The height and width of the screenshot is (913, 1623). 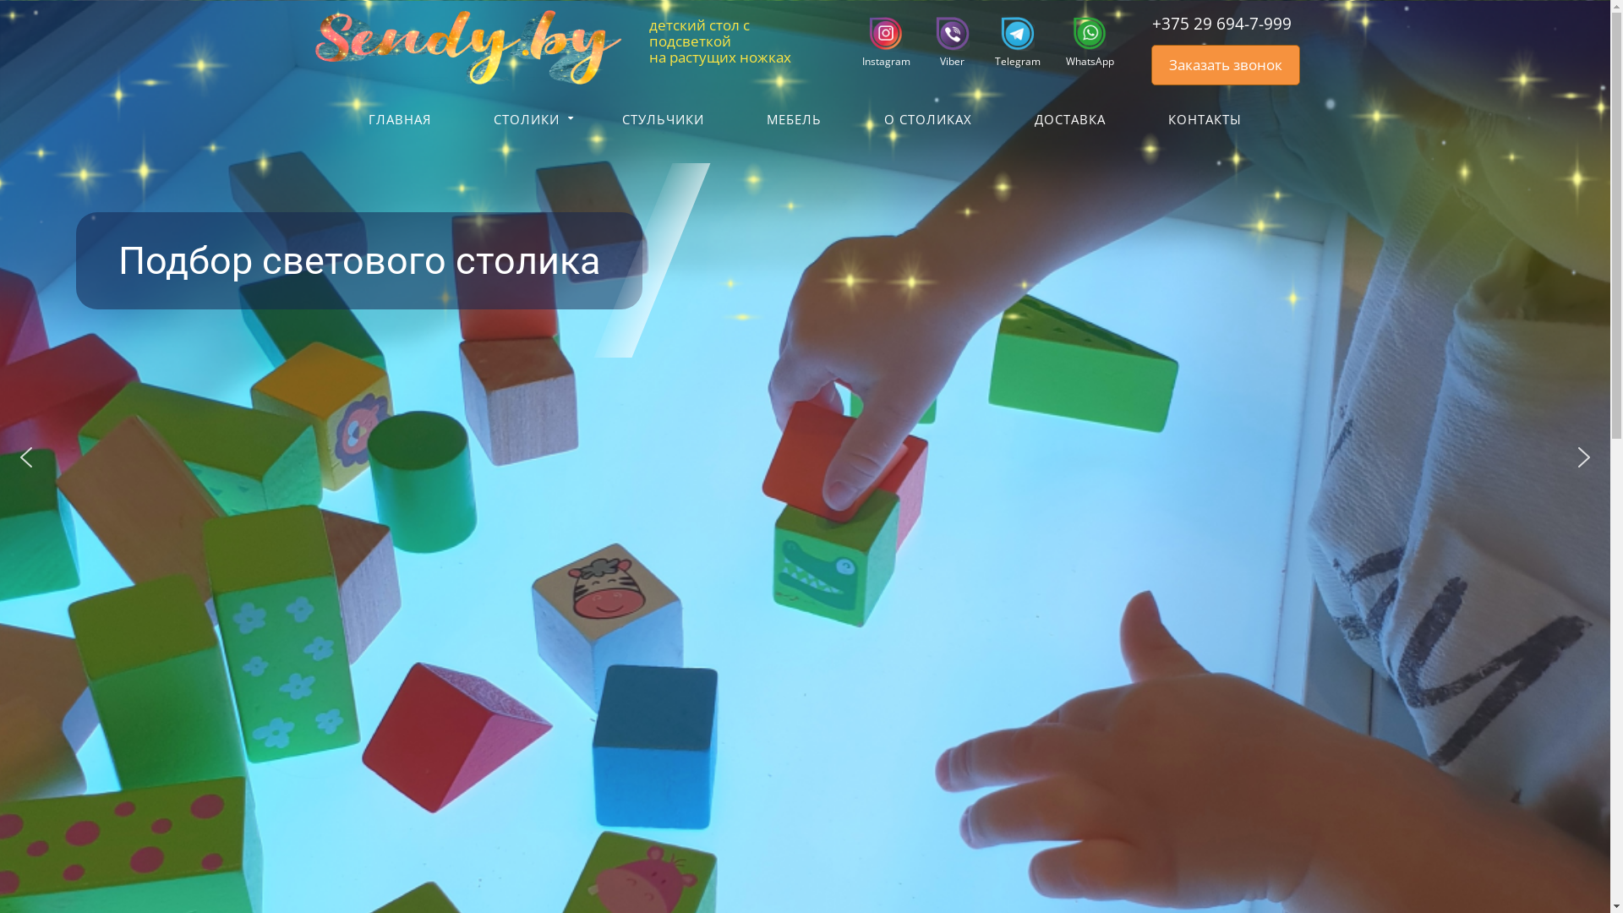 What do you see at coordinates (1010, 41) in the screenshot?
I see `'Telegram'` at bounding box center [1010, 41].